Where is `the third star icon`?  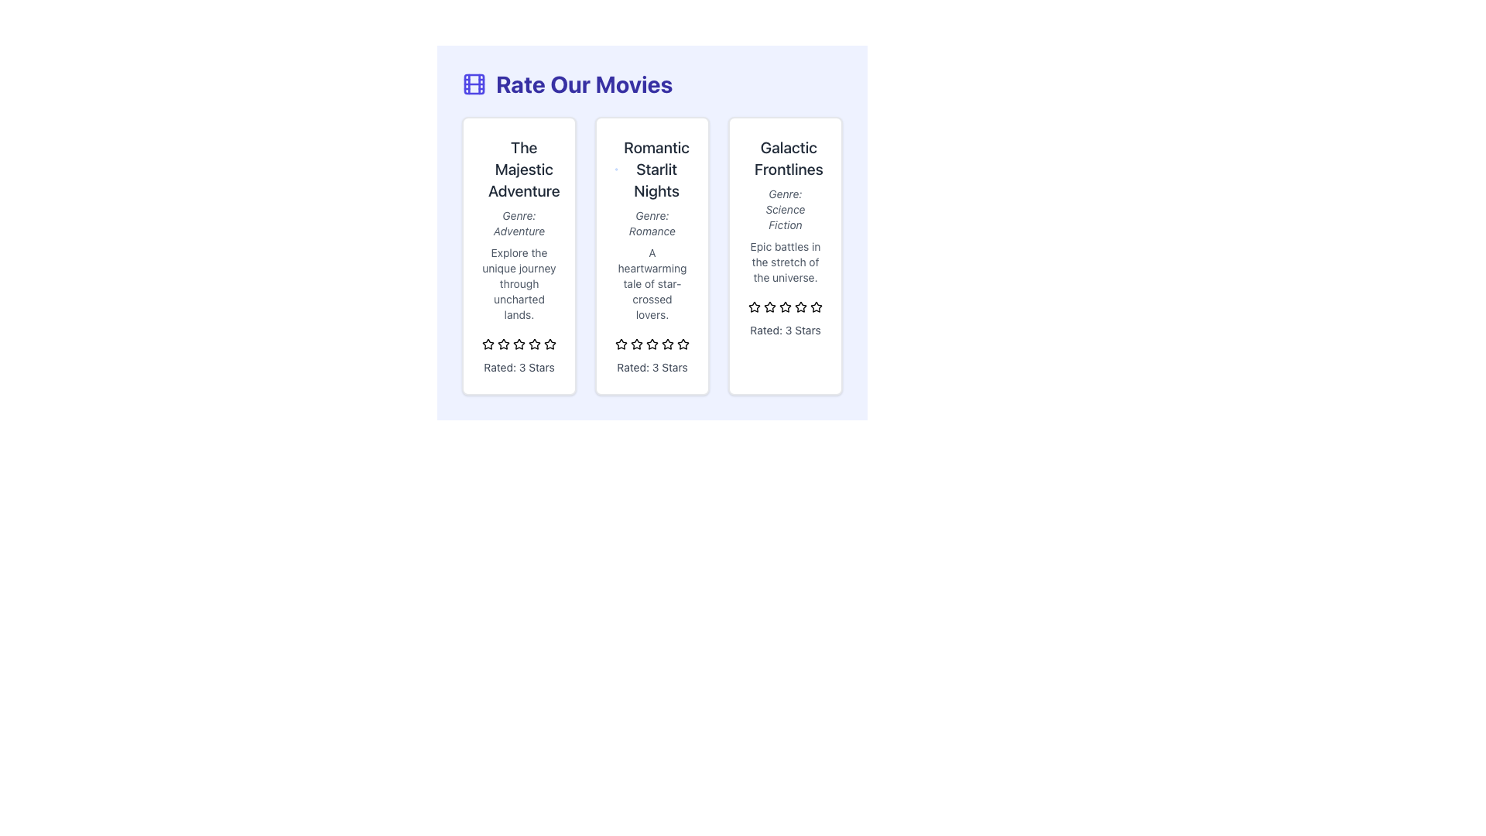
the third star icon is located at coordinates (785, 307).